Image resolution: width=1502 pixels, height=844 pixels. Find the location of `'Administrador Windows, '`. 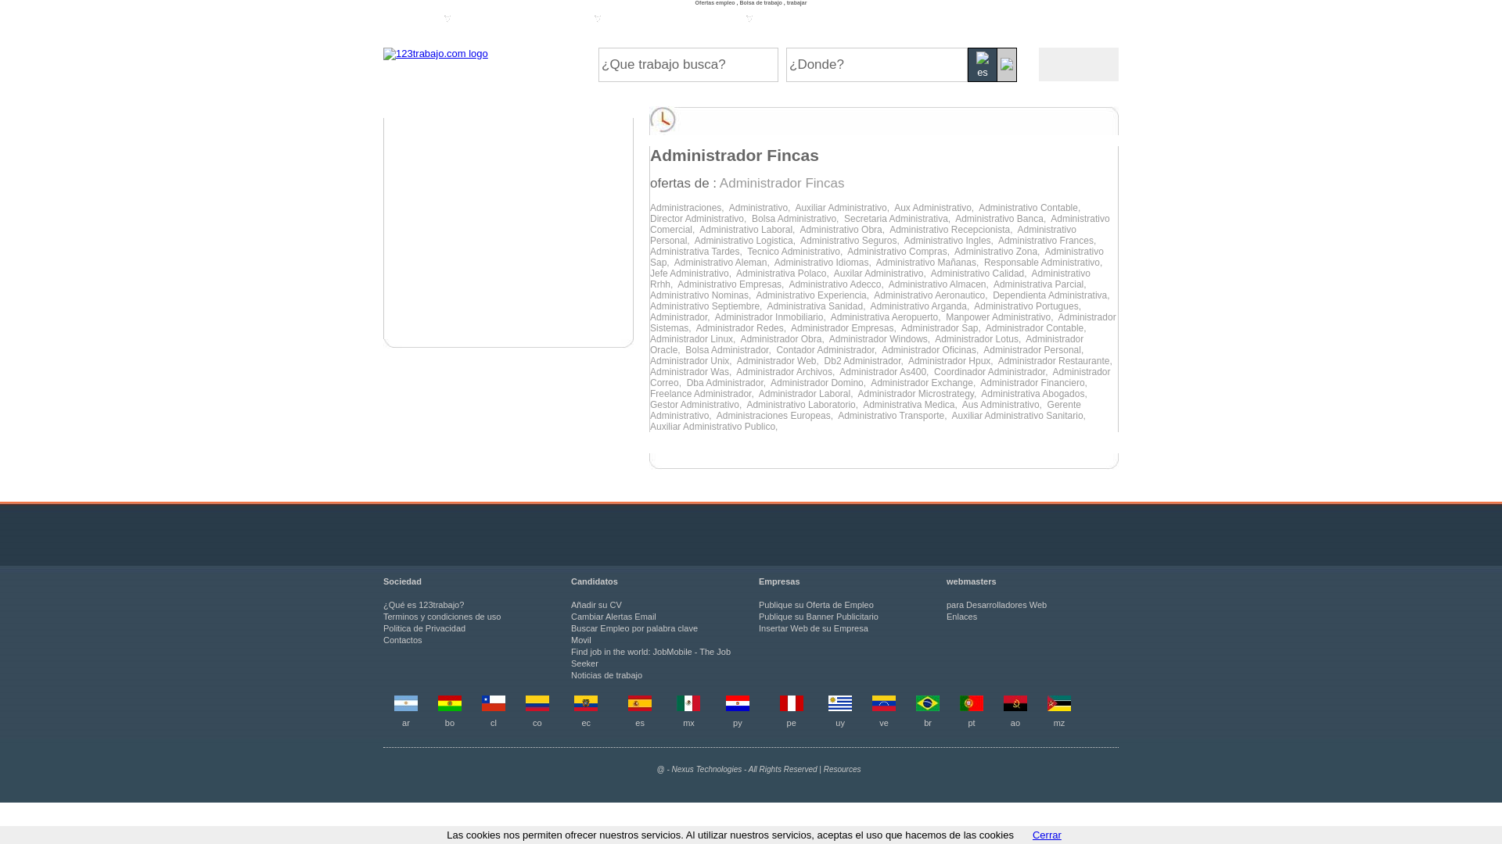

'Administrador Windows, ' is located at coordinates (882, 338).